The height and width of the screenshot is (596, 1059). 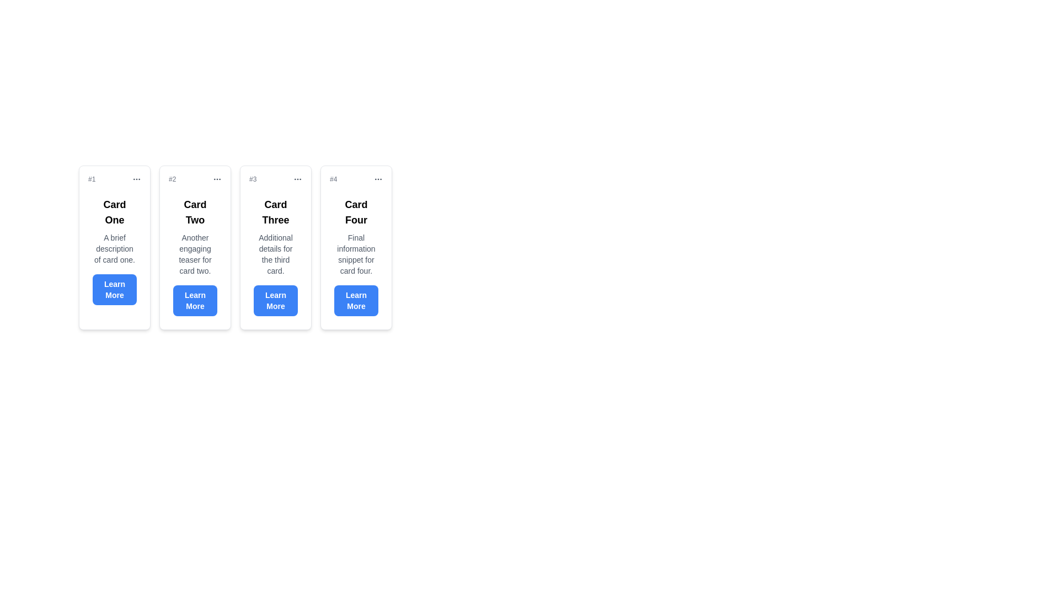 I want to click on the text label 'Card One' which is bold and larger than surrounding text, located at the top of the first card in a horizontal series of cards, so click(x=114, y=212).